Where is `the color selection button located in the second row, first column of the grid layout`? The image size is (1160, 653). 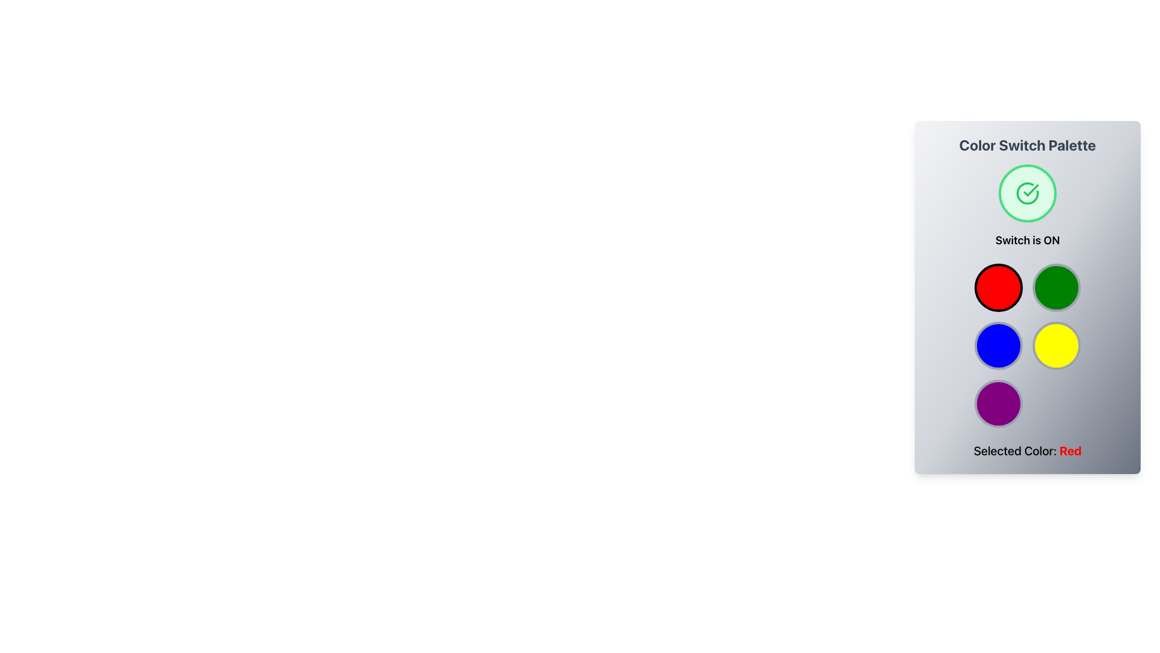 the color selection button located in the second row, first column of the grid layout is located at coordinates (998, 345).